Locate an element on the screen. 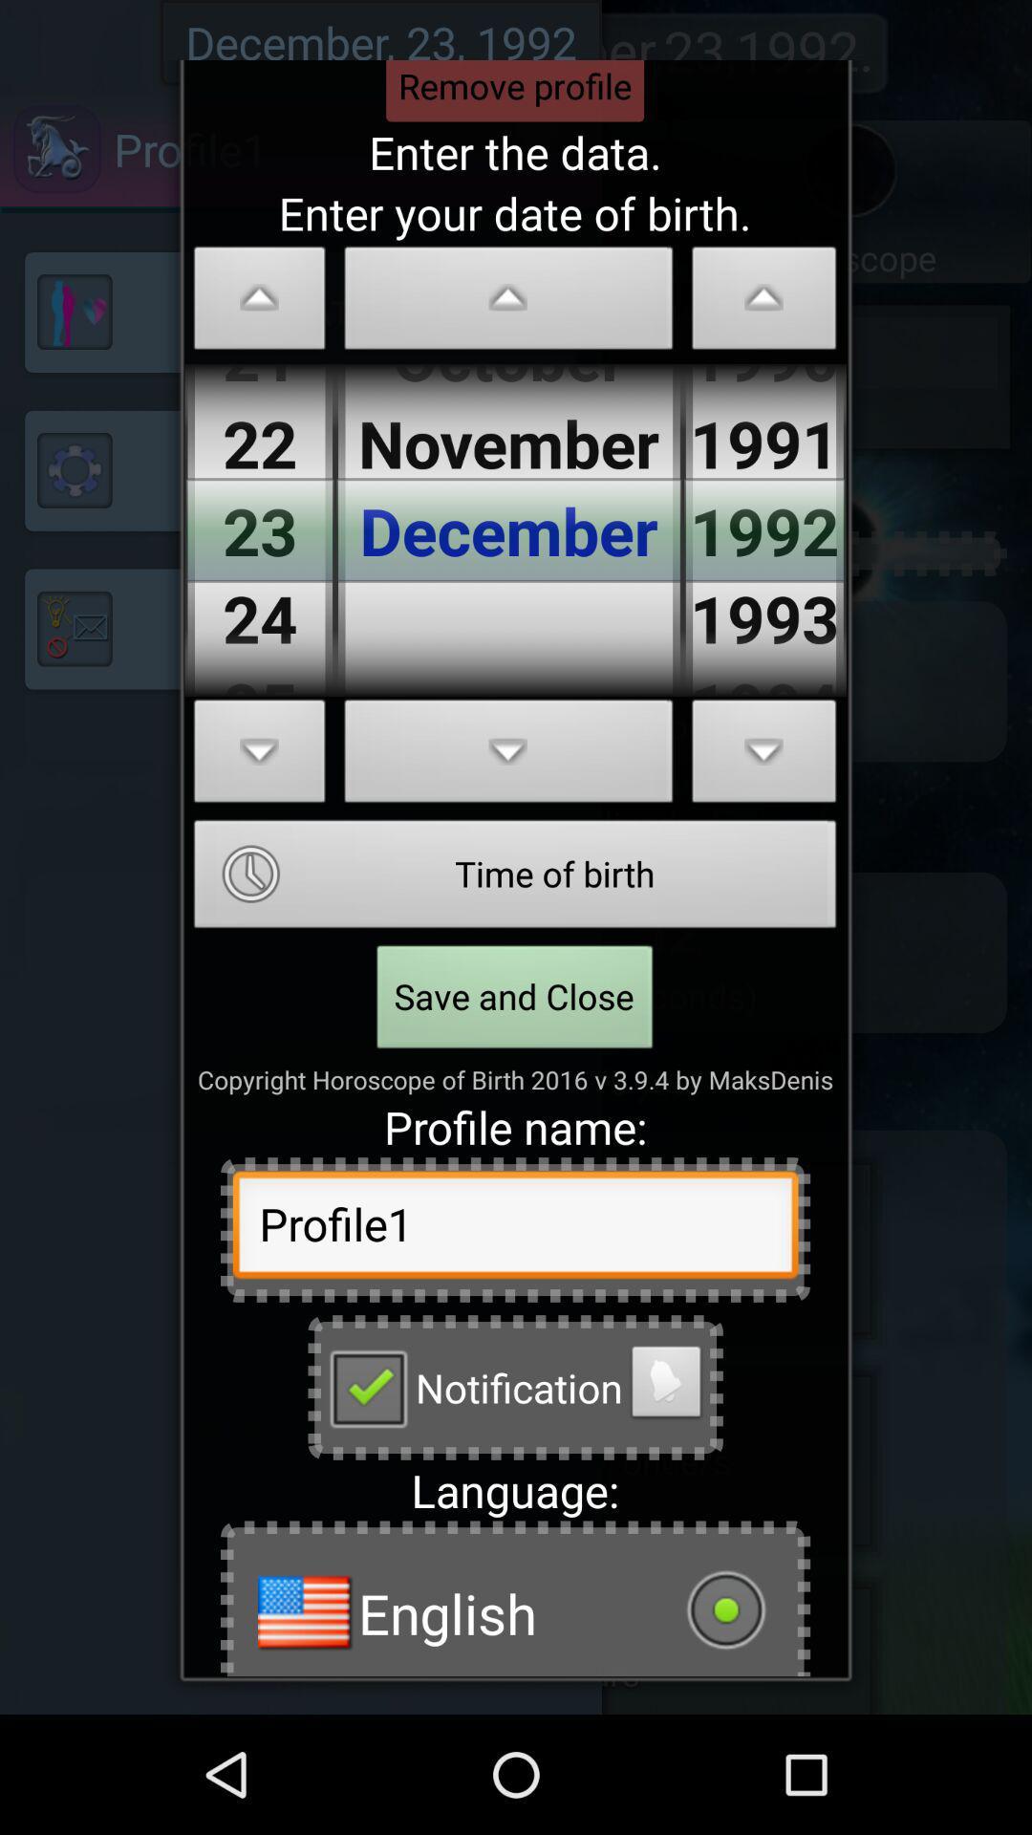  more is located at coordinates (507, 756).